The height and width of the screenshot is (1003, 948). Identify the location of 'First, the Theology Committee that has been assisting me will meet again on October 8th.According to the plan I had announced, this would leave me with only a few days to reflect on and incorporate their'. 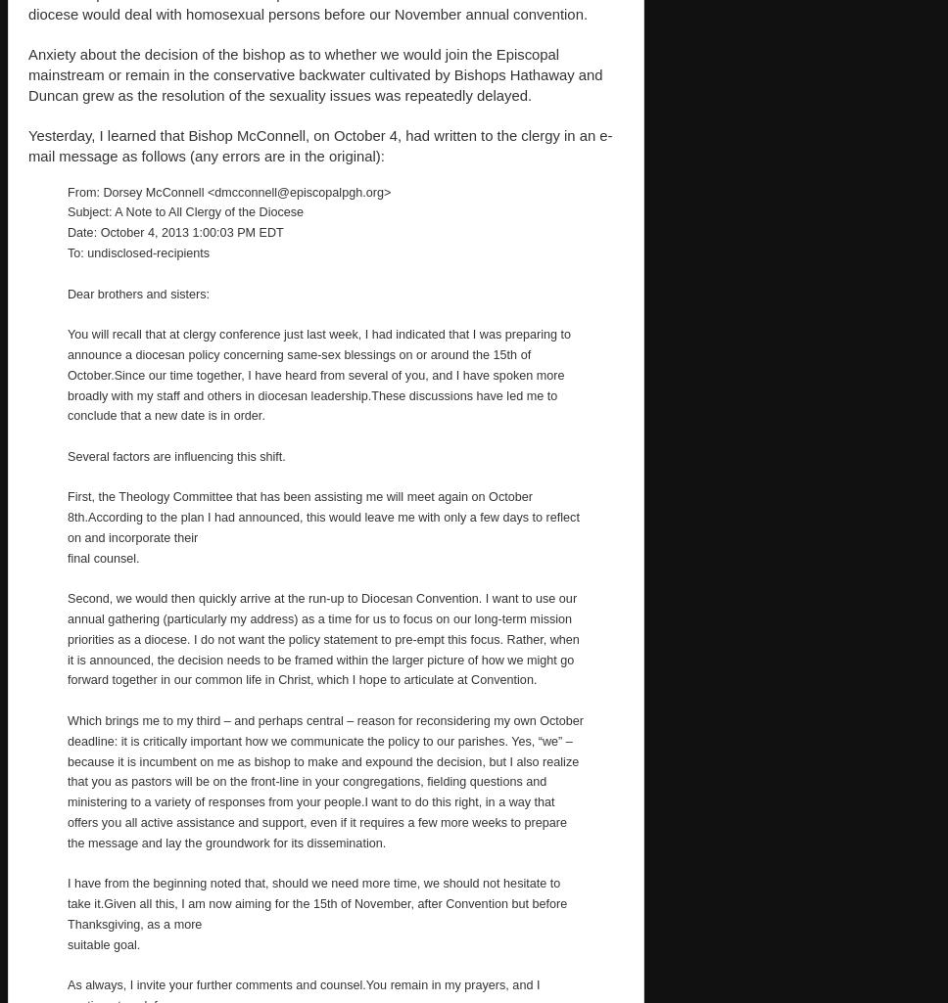
(322, 516).